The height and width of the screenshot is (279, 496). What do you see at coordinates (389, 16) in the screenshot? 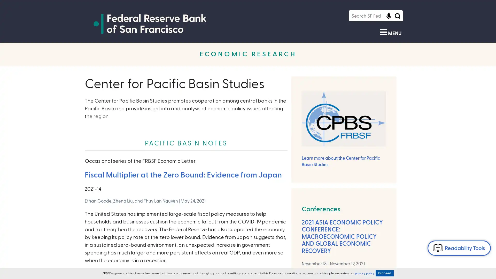
I see `Click to start voice recognition Click to start voice recognition of search query` at bounding box center [389, 16].